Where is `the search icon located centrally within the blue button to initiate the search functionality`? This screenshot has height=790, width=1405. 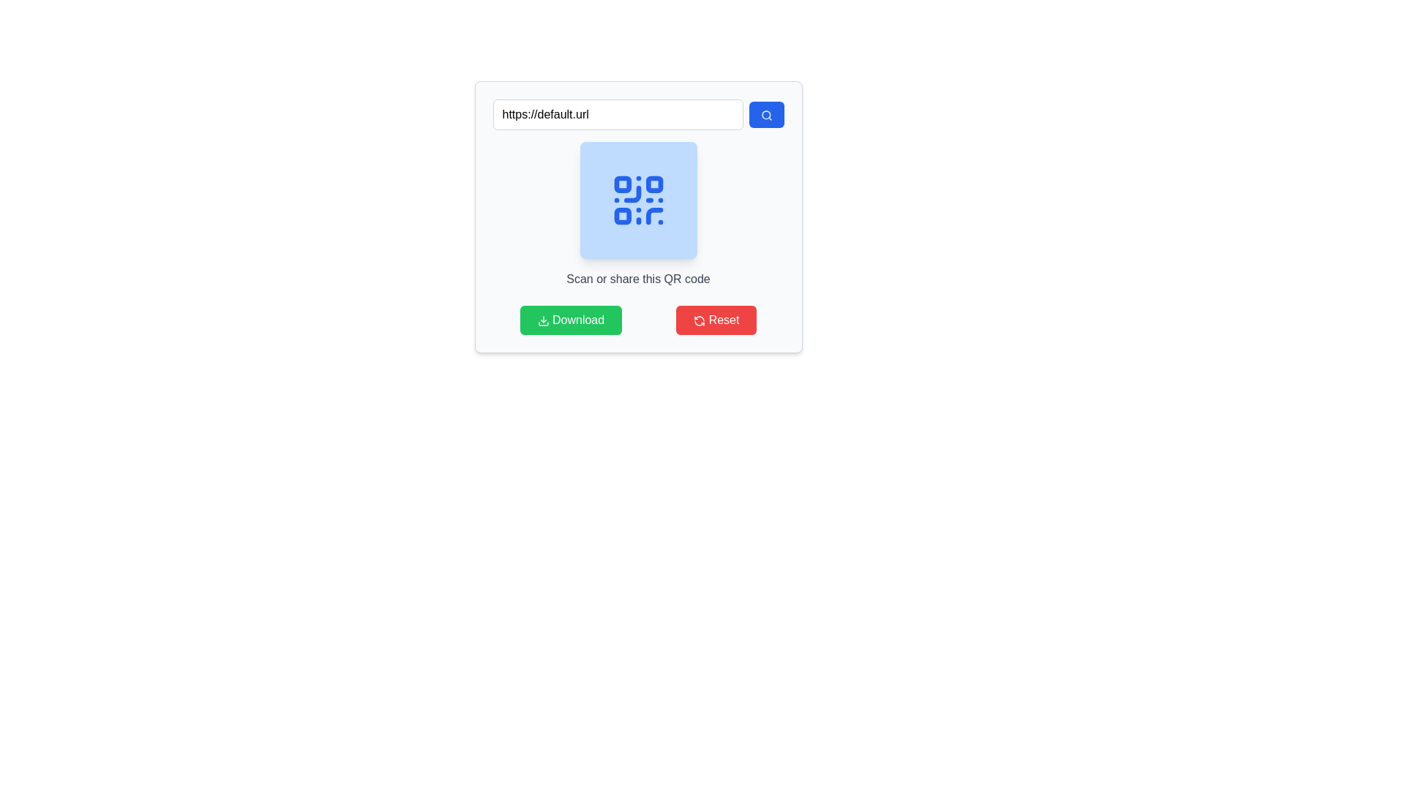
the search icon located centrally within the blue button to initiate the search functionality is located at coordinates (765, 115).